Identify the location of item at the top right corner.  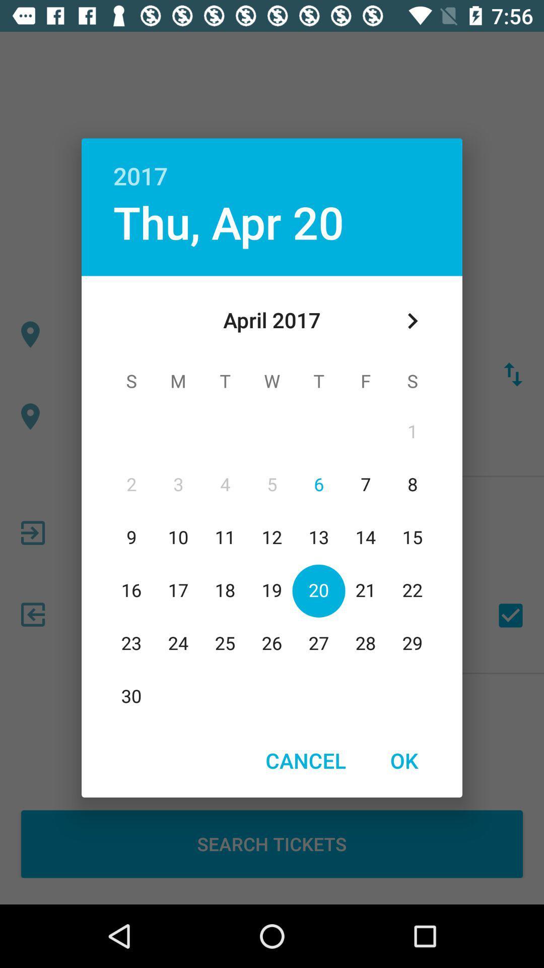
(412, 320).